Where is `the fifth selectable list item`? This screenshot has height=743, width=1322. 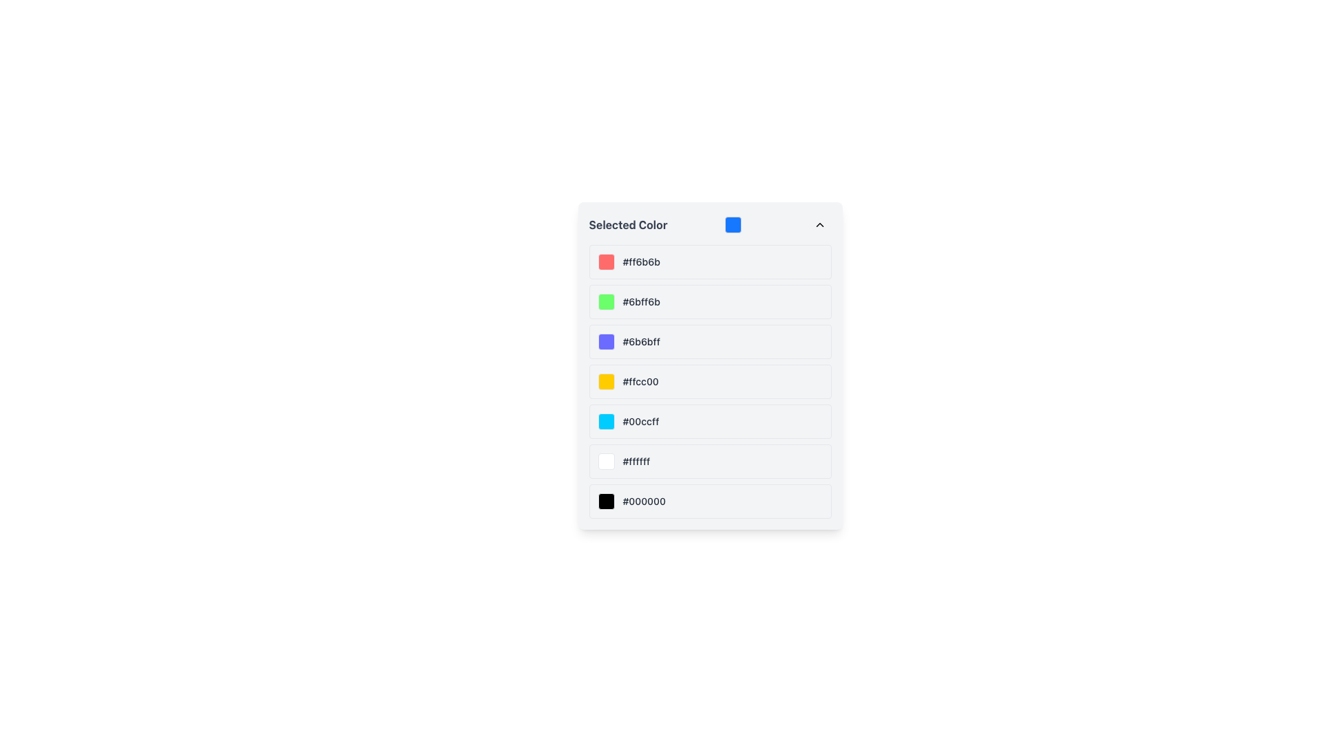
the fifth selectable list item is located at coordinates (710, 421).